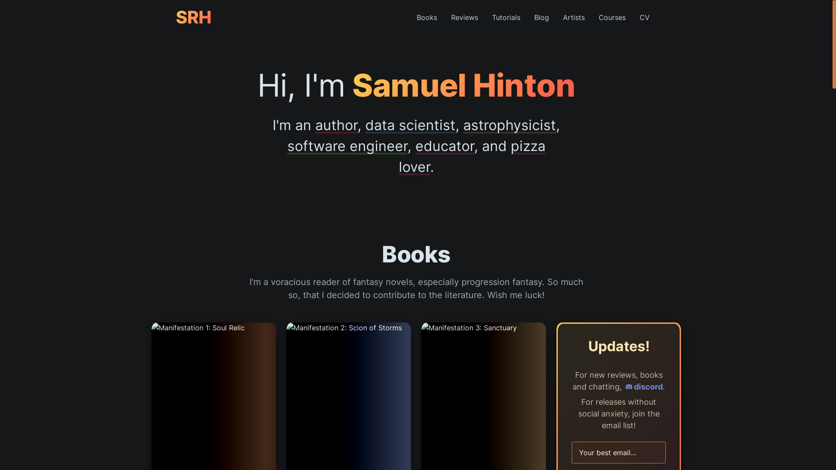 This screenshot has width=836, height=470. I want to click on 'Artists', so click(574, 17).